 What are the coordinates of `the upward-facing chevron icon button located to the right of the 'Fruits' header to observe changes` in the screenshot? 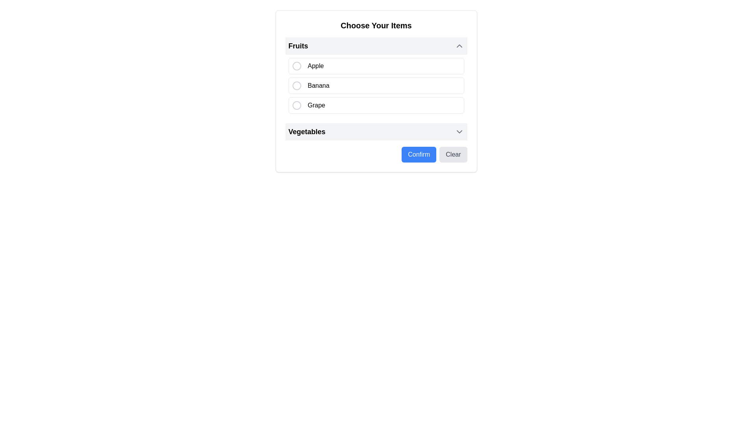 It's located at (459, 46).